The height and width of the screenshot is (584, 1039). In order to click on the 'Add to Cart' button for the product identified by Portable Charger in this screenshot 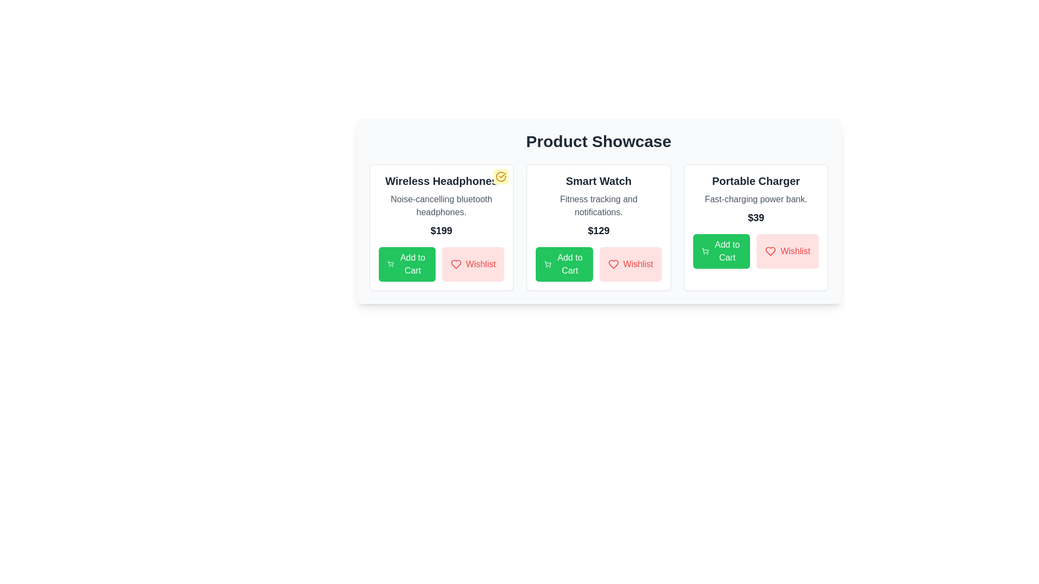, I will do `click(722, 251)`.